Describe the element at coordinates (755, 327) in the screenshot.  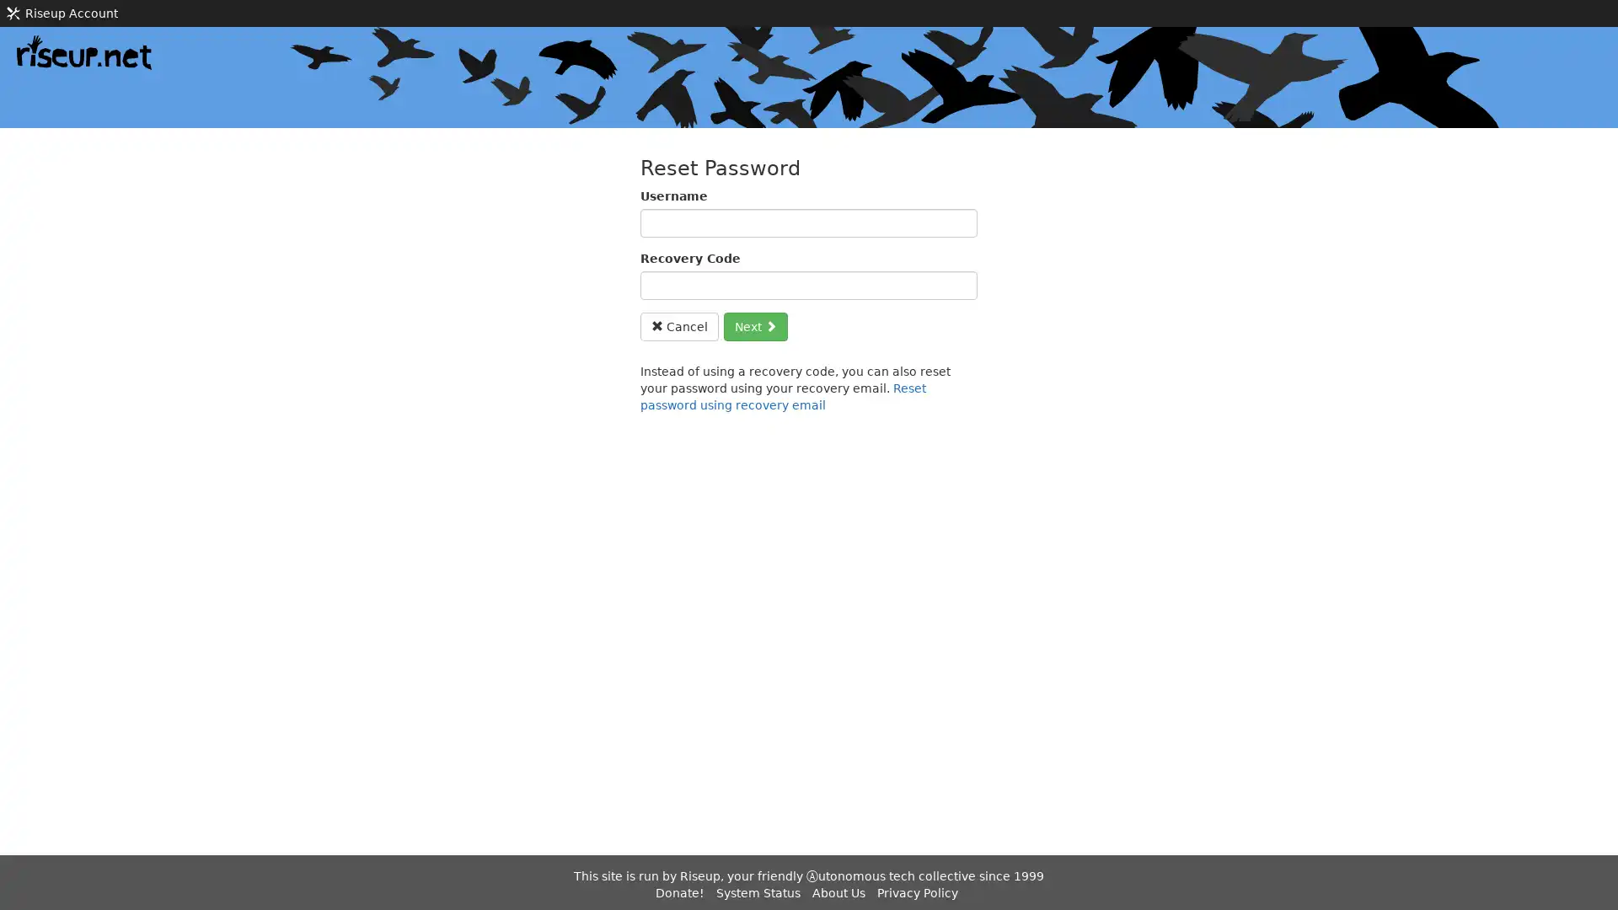
I see `Next` at that location.